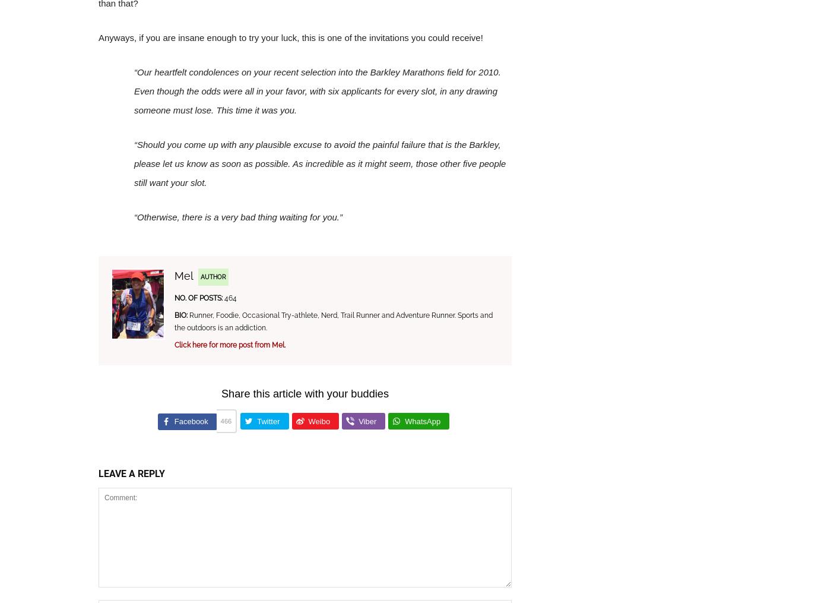 The height and width of the screenshot is (603, 831). What do you see at coordinates (268, 421) in the screenshot?
I see `'Twitter'` at bounding box center [268, 421].